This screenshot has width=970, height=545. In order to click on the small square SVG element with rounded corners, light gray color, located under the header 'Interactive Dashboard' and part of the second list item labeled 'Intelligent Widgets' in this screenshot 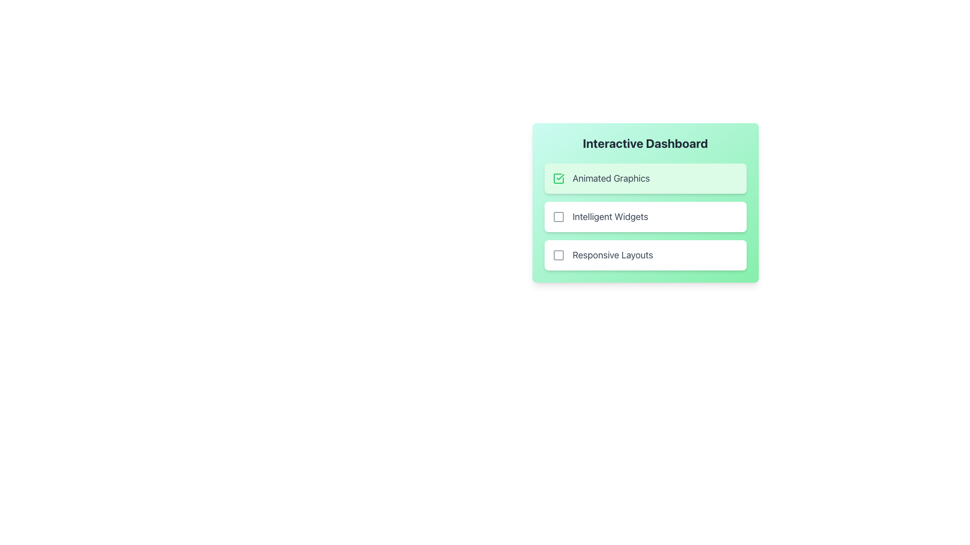, I will do `click(558, 216)`.